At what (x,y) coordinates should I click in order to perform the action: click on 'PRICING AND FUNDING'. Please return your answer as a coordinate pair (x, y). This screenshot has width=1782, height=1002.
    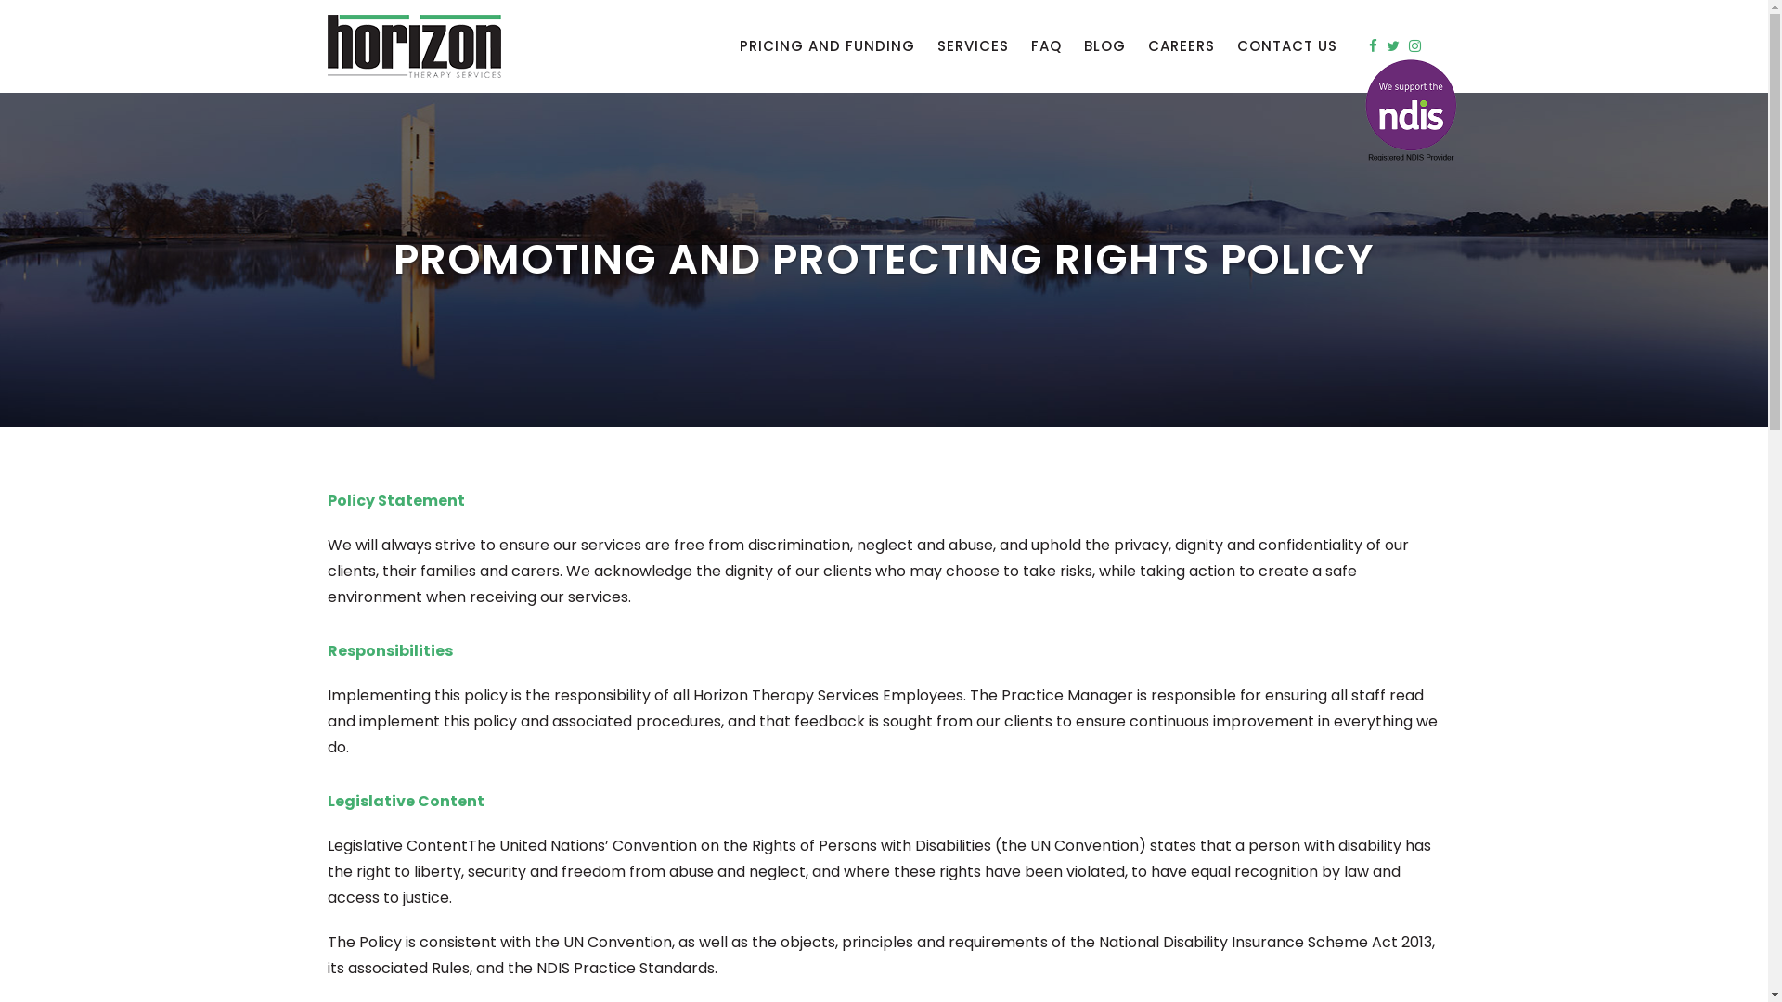
    Looking at the image, I should click on (825, 45).